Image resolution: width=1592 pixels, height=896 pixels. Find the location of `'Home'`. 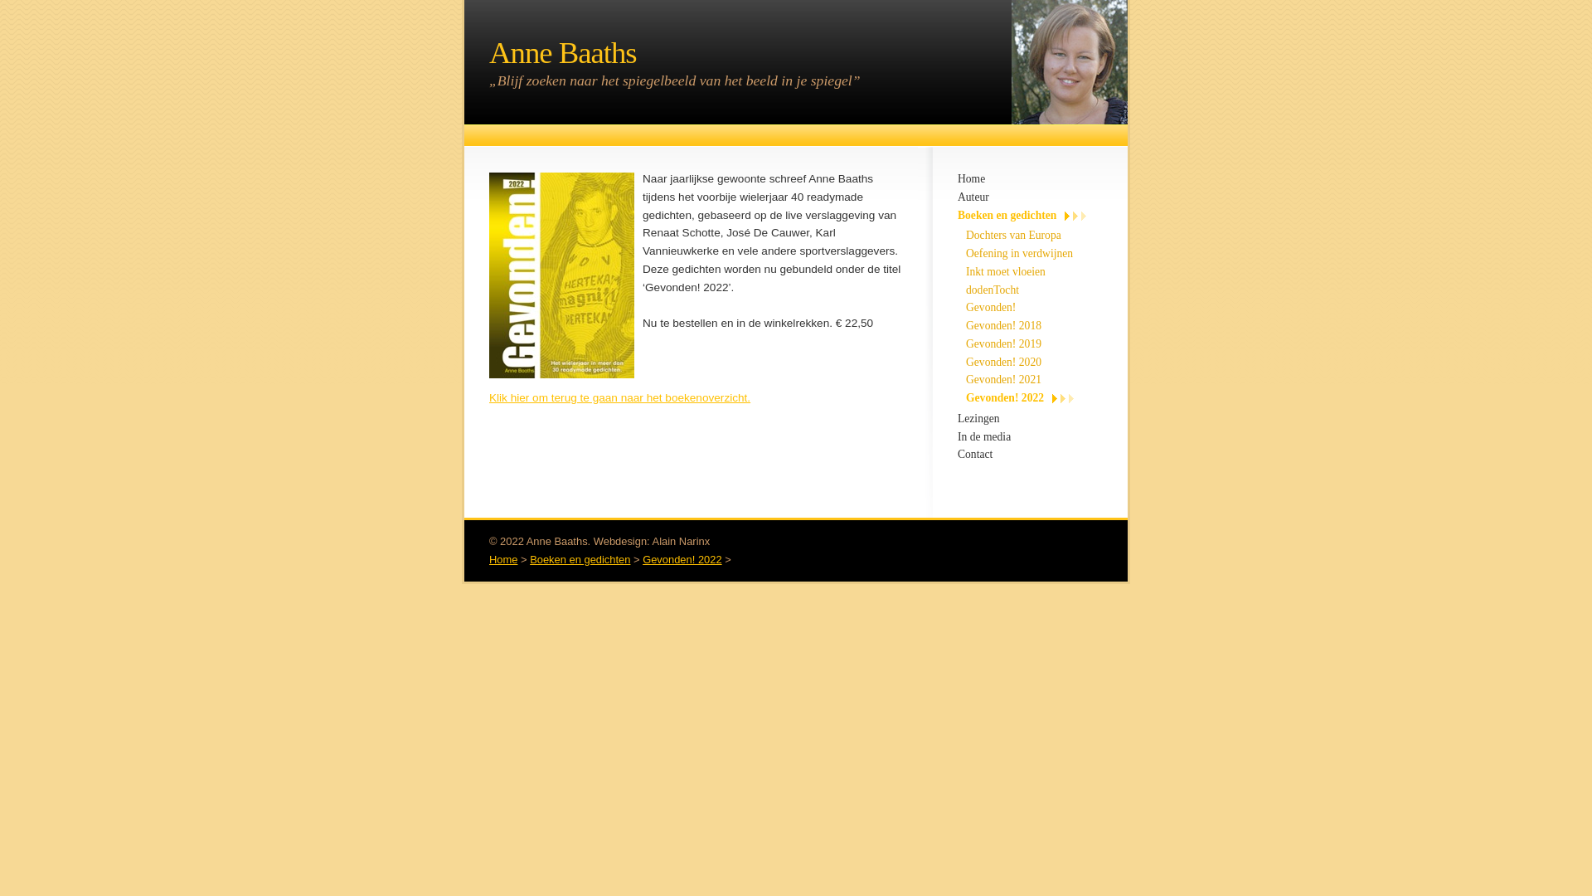

'Home' is located at coordinates (971, 178).